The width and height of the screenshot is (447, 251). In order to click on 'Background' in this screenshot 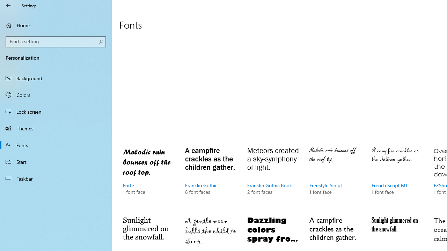, I will do `click(56, 78)`.